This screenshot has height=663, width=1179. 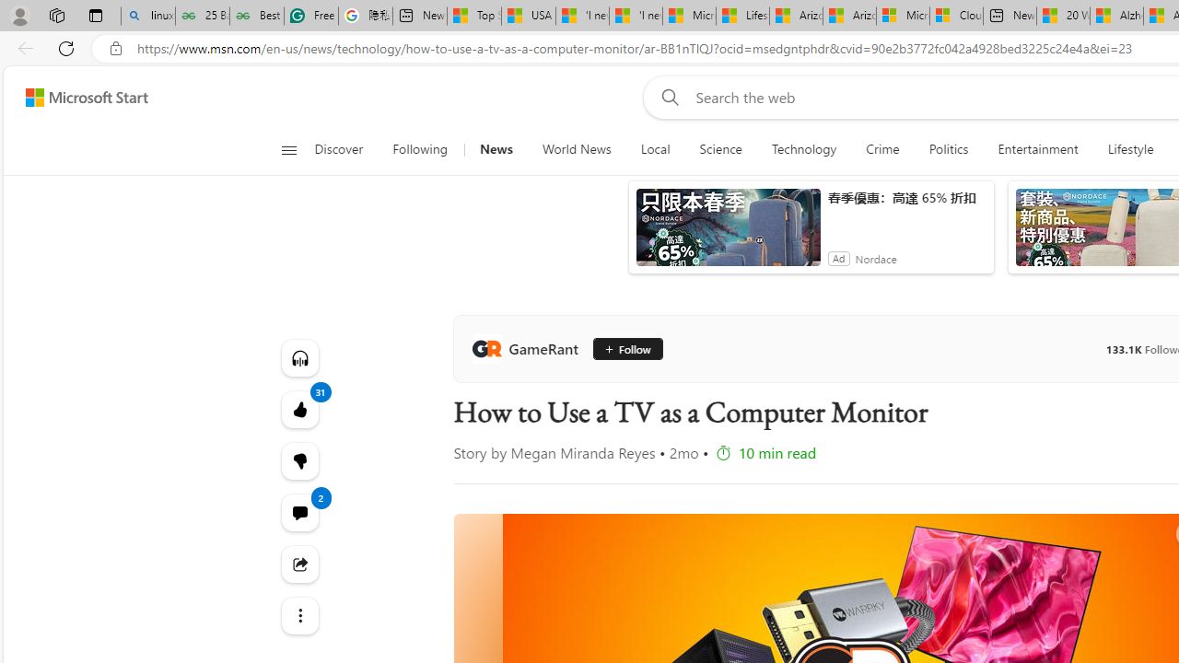 I want to click on '31 Like', so click(x=299, y=408).